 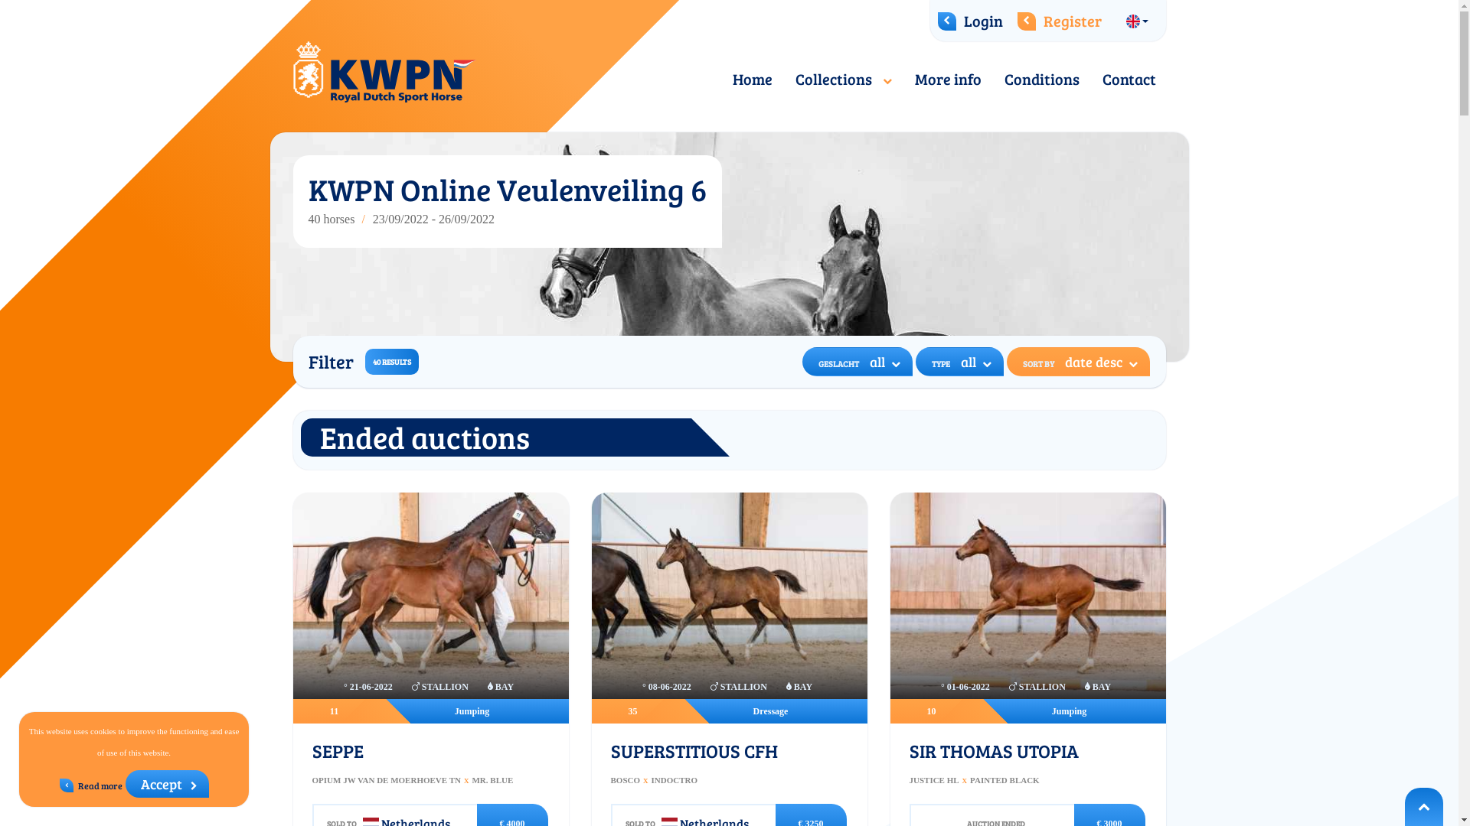 What do you see at coordinates (1090, 79) in the screenshot?
I see `'Contact'` at bounding box center [1090, 79].